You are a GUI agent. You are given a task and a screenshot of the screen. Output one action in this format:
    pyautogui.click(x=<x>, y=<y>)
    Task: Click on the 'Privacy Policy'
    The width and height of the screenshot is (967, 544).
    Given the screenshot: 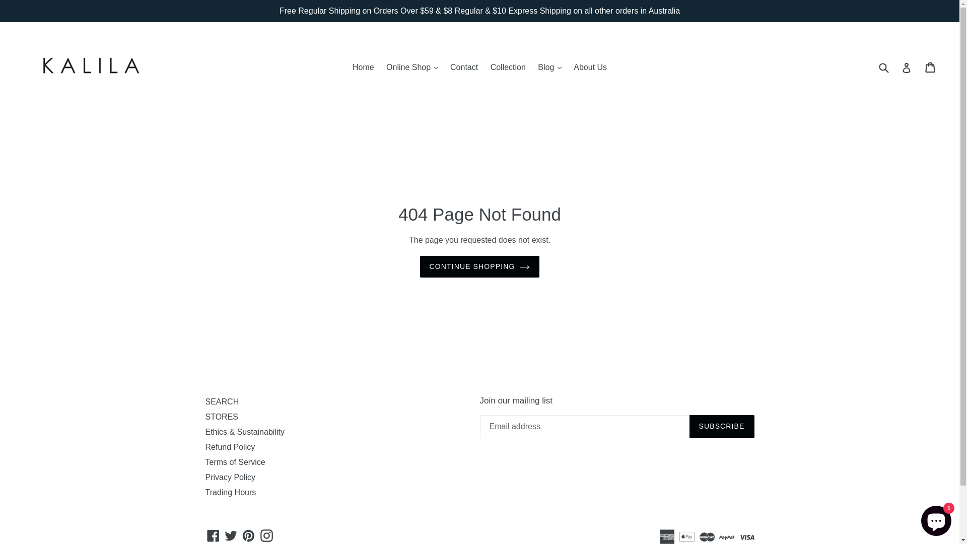 What is the action you would take?
    pyautogui.click(x=205, y=477)
    